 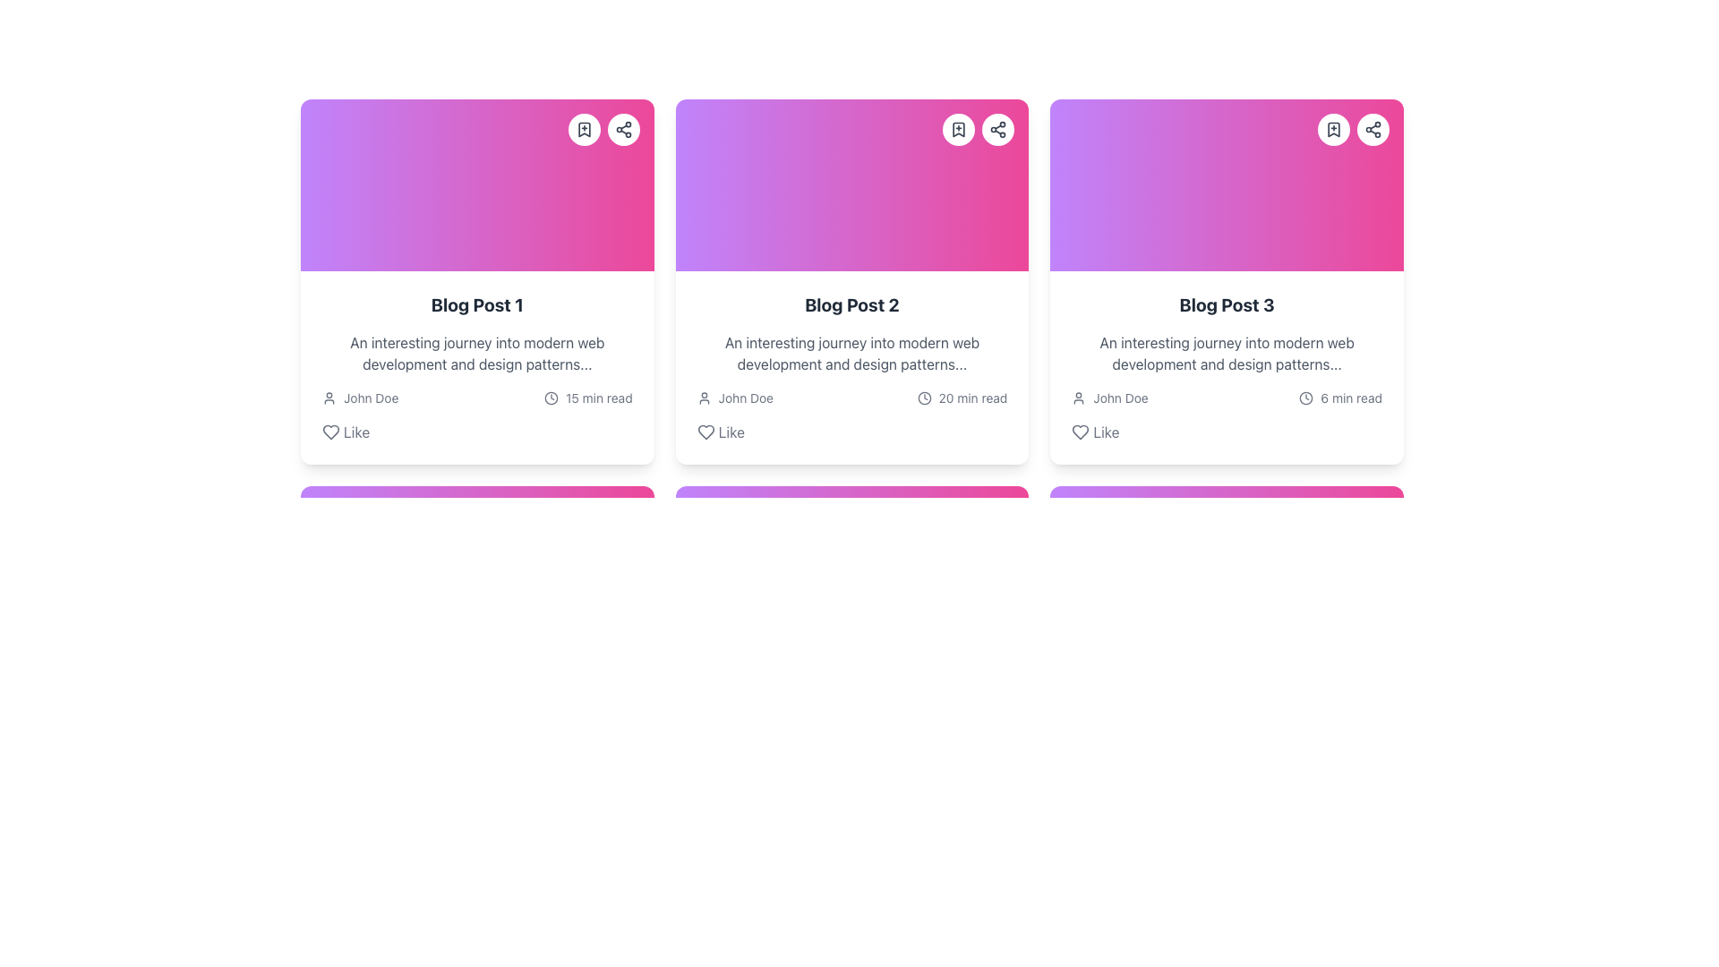 What do you see at coordinates (997, 129) in the screenshot?
I see `the rightmost share icon located in the top-right corner of the second card from the left` at bounding box center [997, 129].